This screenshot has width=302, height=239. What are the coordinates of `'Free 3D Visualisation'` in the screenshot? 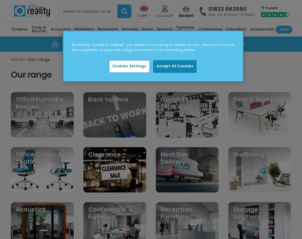 It's located at (86, 44).